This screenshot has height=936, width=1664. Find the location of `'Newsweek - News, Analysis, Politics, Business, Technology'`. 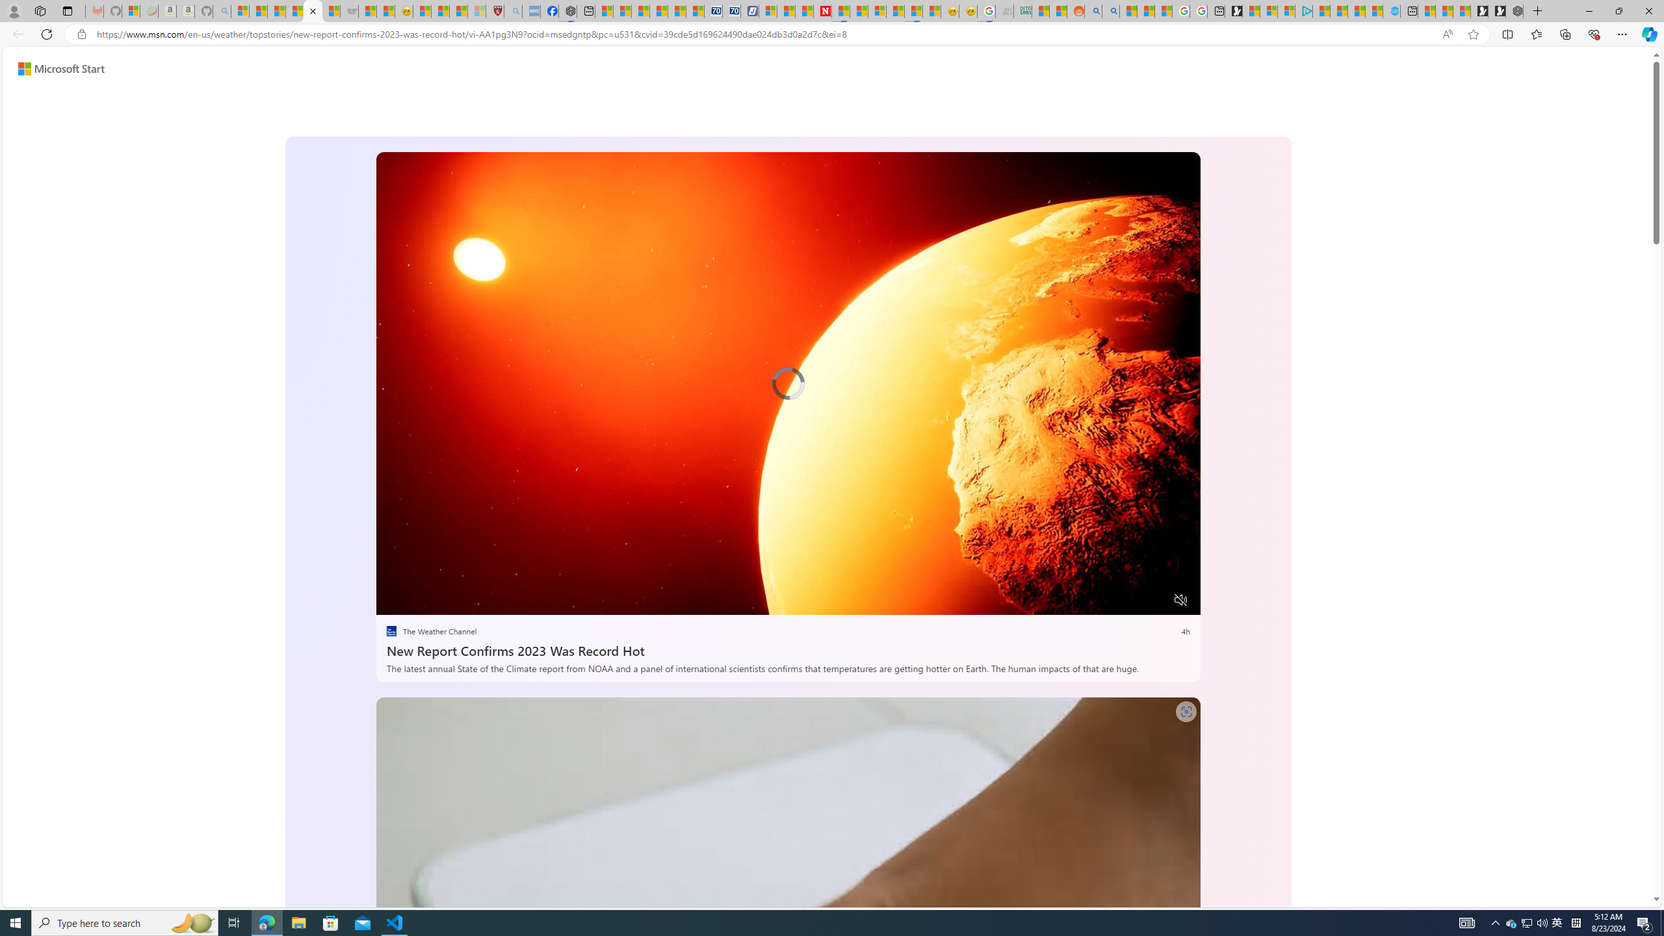

'Newsweek - News, Analysis, Politics, Business, Technology' is located at coordinates (822, 10).